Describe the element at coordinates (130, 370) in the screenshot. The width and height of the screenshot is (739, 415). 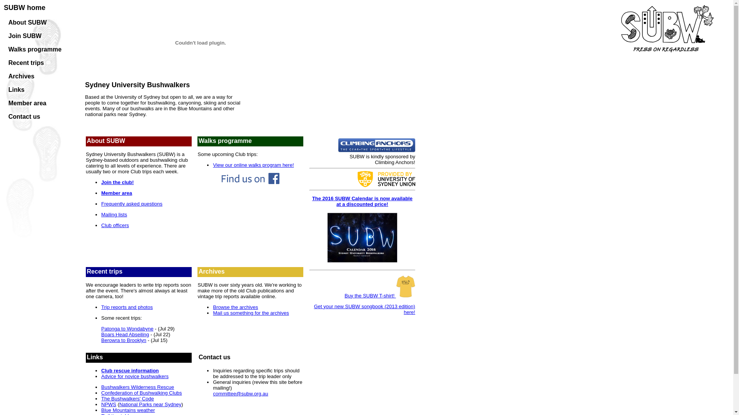
I see `'Club rescue information'` at that location.